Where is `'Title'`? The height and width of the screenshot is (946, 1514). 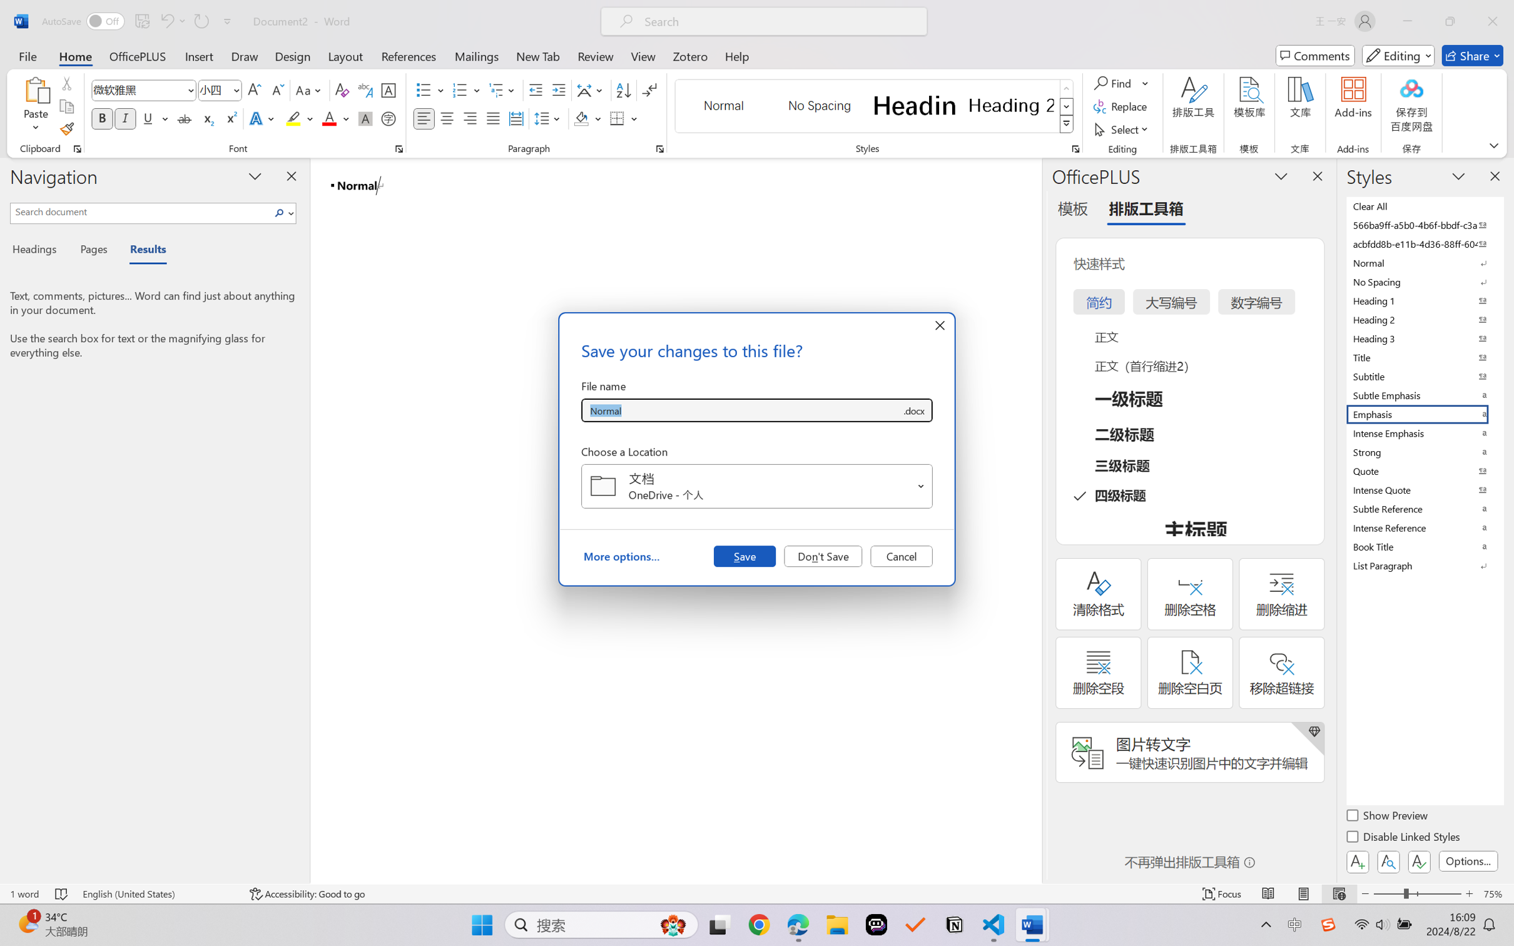 'Title' is located at coordinates (1423, 357).